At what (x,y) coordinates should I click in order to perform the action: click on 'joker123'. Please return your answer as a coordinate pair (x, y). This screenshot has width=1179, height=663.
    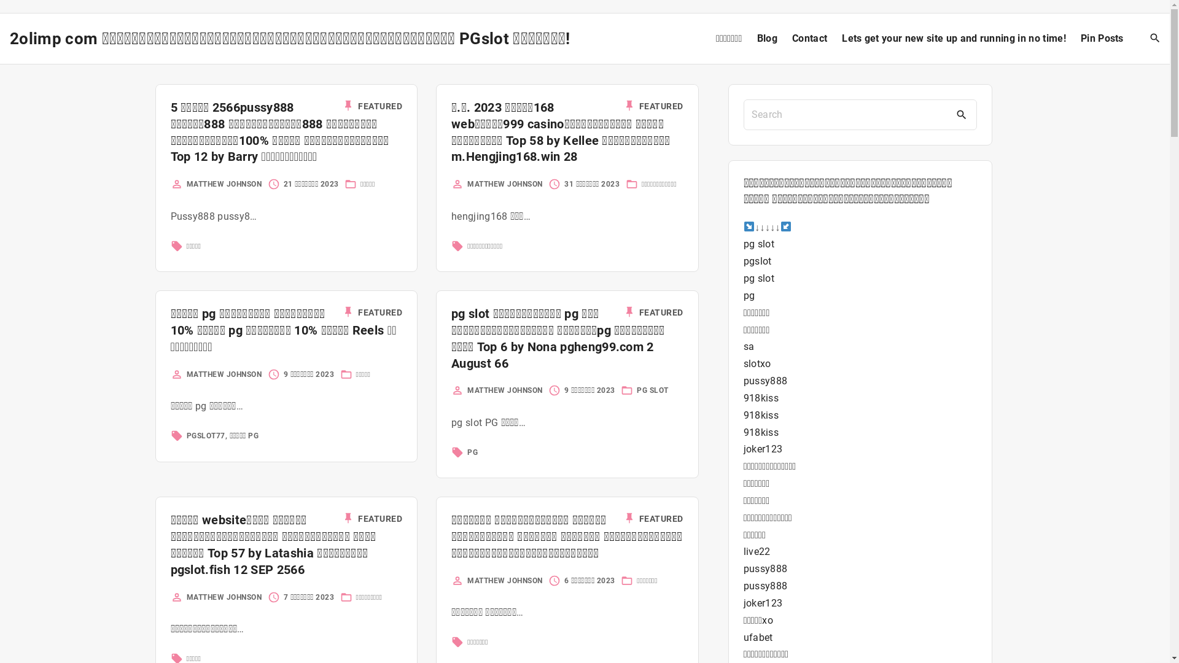
    Looking at the image, I should click on (763, 449).